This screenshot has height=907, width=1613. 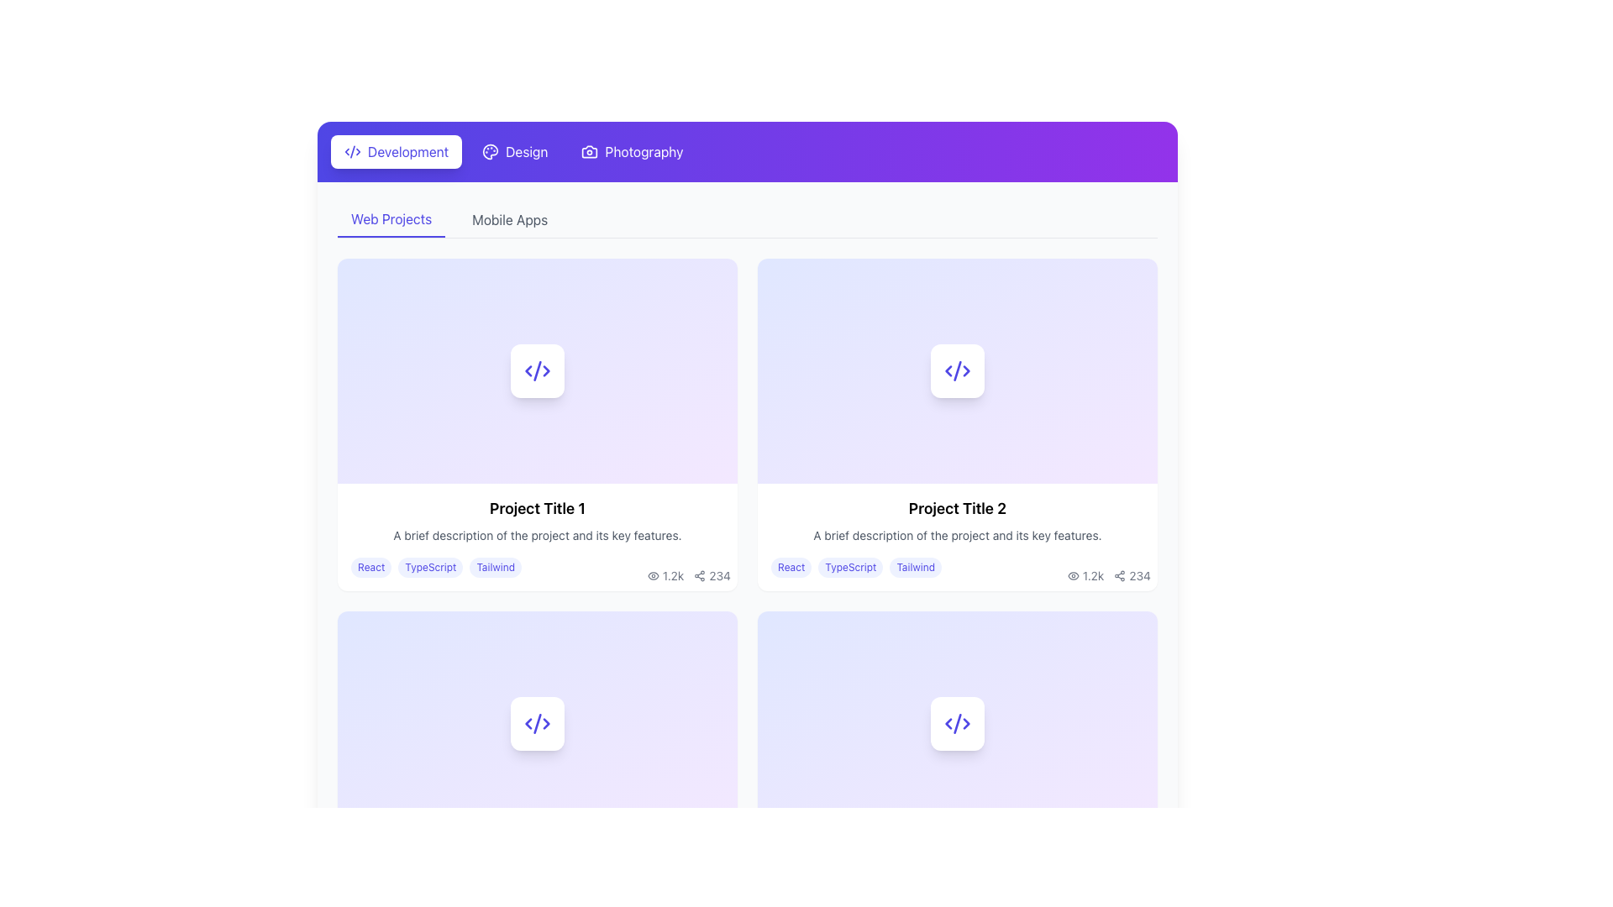 I want to click on the visibility indicator icon located in the bottom-right corner of the card labeled 'Project Title 1', which conveys the number of views (1.2k) associated with the content, so click(x=652, y=574).